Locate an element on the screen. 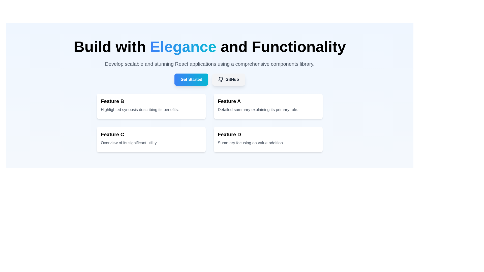 Image resolution: width=484 pixels, height=272 pixels. the text content of the Informational card about 'Feature C' located in the lower-left portion of the grid layout, specifically the third card among four similar elements is located at coordinates (151, 140).